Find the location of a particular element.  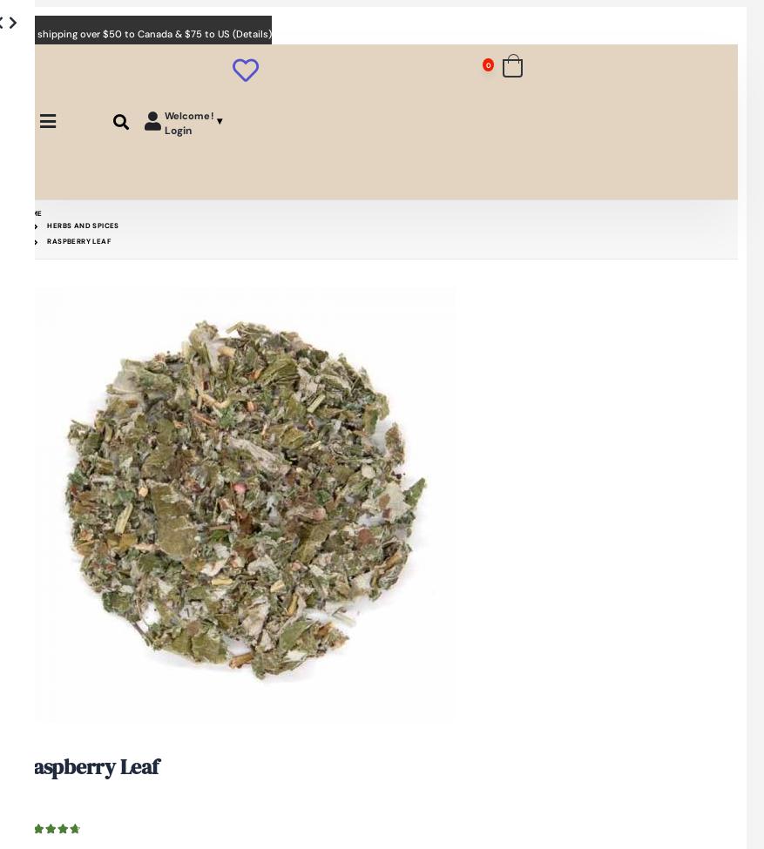

'Welcome!' is located at coordinates (187, 114).